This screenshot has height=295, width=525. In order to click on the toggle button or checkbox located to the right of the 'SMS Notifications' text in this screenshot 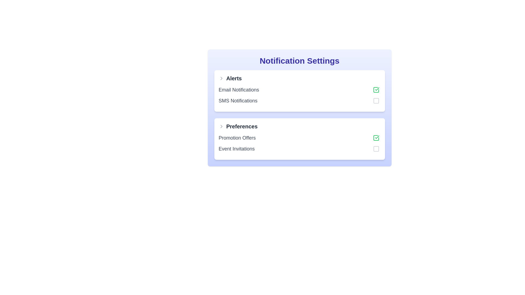, I will do `click(376, 101)`.